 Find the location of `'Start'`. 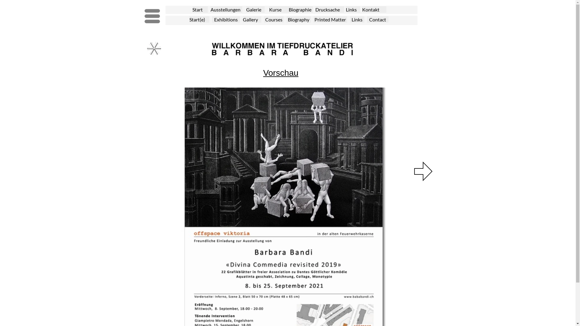

'Start' is located at coordinates (200, 10).